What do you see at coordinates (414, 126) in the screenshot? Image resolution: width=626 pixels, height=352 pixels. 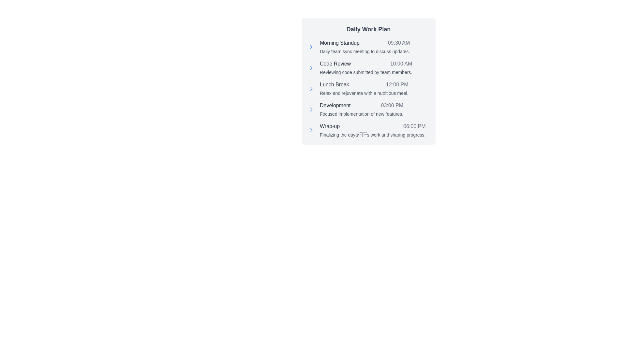 I see `the time text '06:00 PM' which is styled in gray and located at the right end of the row labeled 'Wrap-up' in the Daily Work Plan` at bounding box center [414, 126].